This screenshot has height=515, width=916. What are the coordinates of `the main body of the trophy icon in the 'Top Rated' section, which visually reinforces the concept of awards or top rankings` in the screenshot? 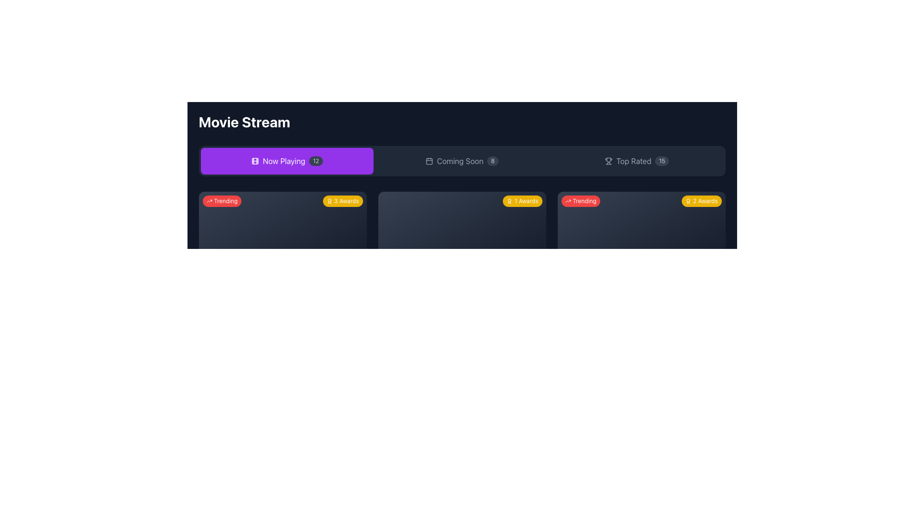 It's located at (608, 159).